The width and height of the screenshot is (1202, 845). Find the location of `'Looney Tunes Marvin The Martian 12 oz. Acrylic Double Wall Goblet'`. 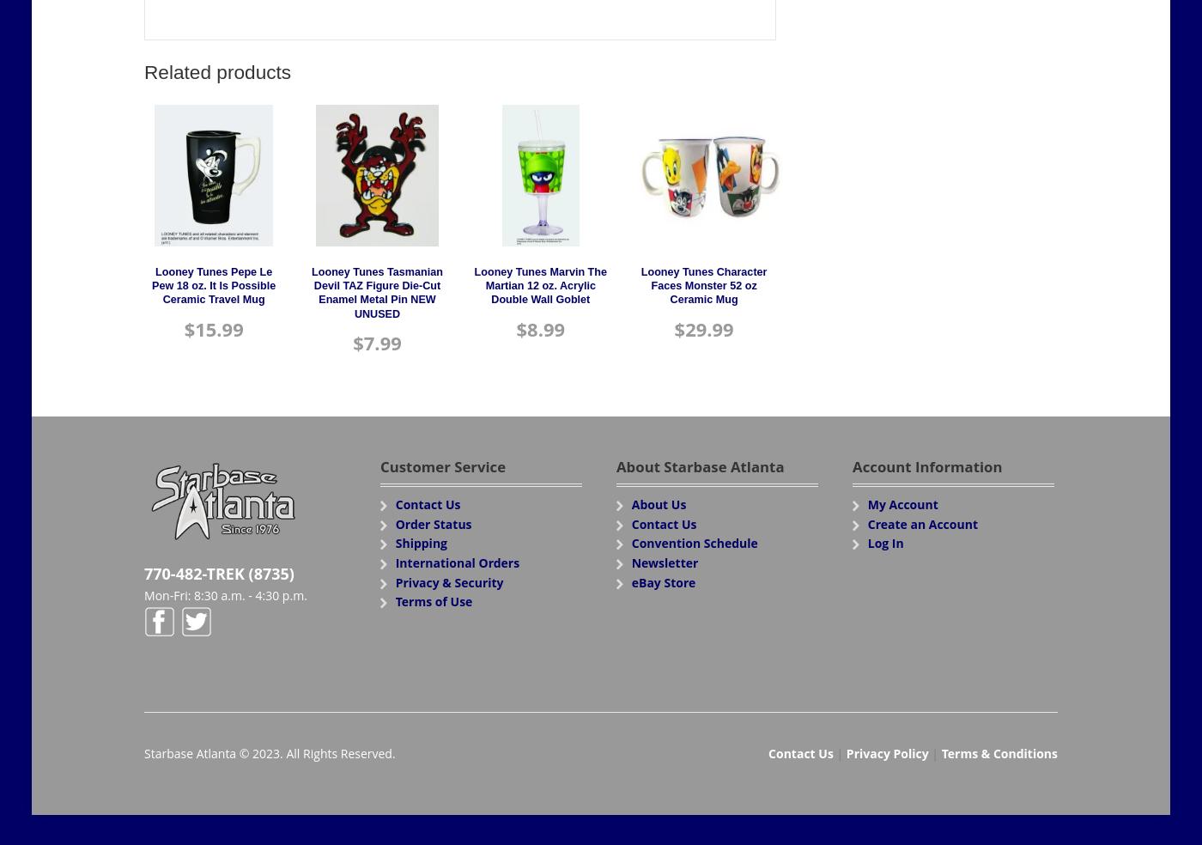

'Looney Tunes Marvin The Martian 12 oz. Acrylic Double Wall Goblet' is located at coordinates (540, 284).